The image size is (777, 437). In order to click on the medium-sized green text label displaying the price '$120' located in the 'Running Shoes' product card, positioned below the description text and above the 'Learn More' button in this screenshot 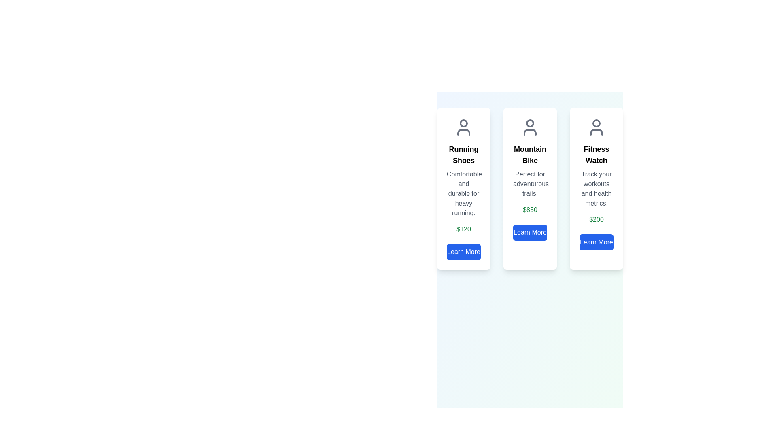, I will do `click(464, 229)`.